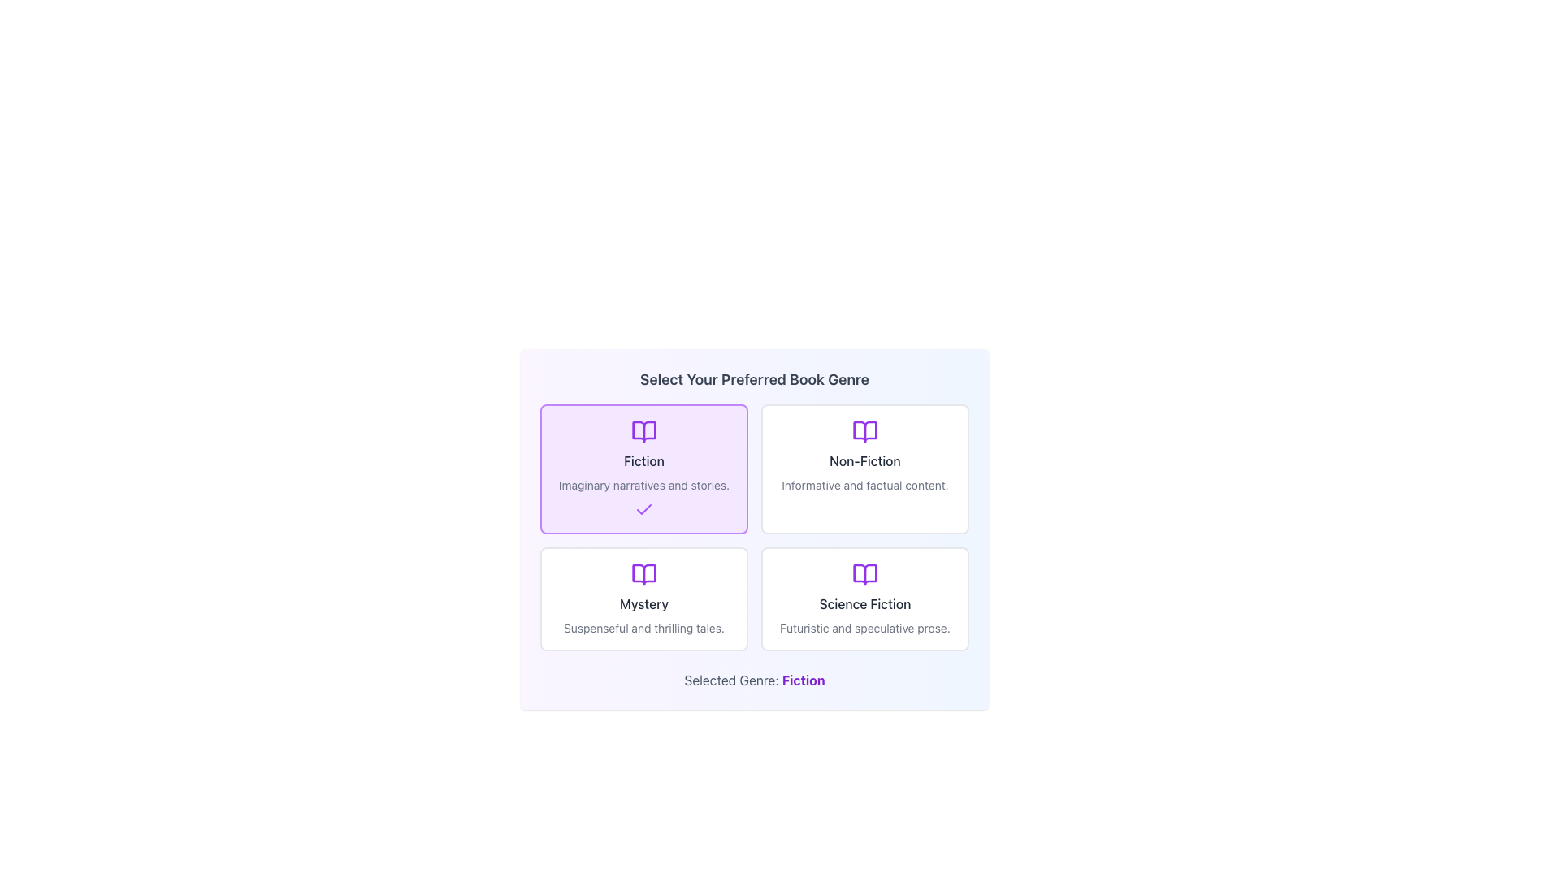  I want to click on the Science Fiction genre icon located at the bottom-right corner of the main selection panel, so click(864, 574).